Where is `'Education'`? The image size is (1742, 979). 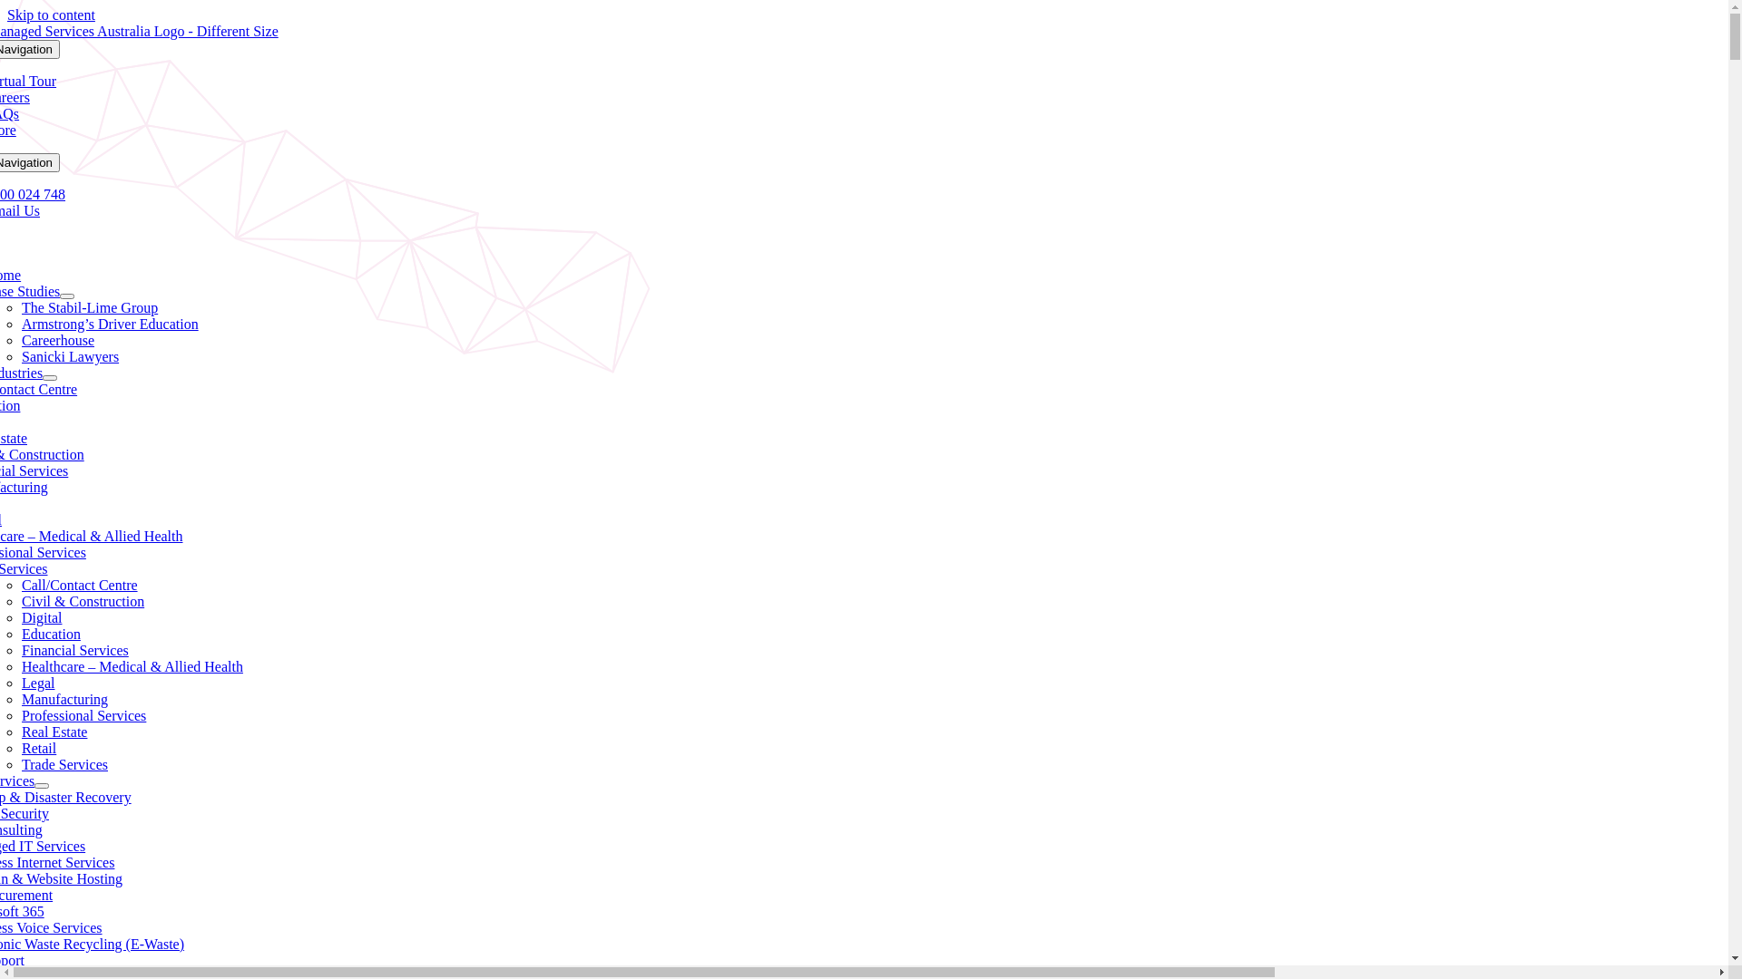 'Education' is located at coordinates (51, 633).